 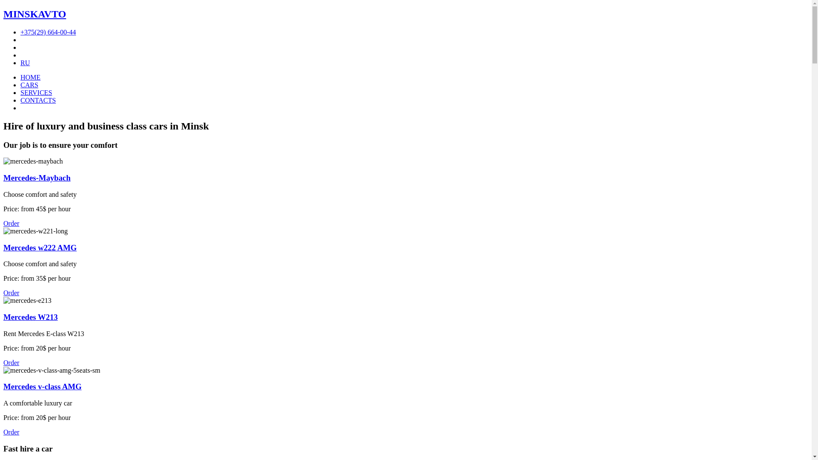 What do you see at coordinates (25, 62) in the screenshot?
I see `'RU'` at bounding box center [25, 62].